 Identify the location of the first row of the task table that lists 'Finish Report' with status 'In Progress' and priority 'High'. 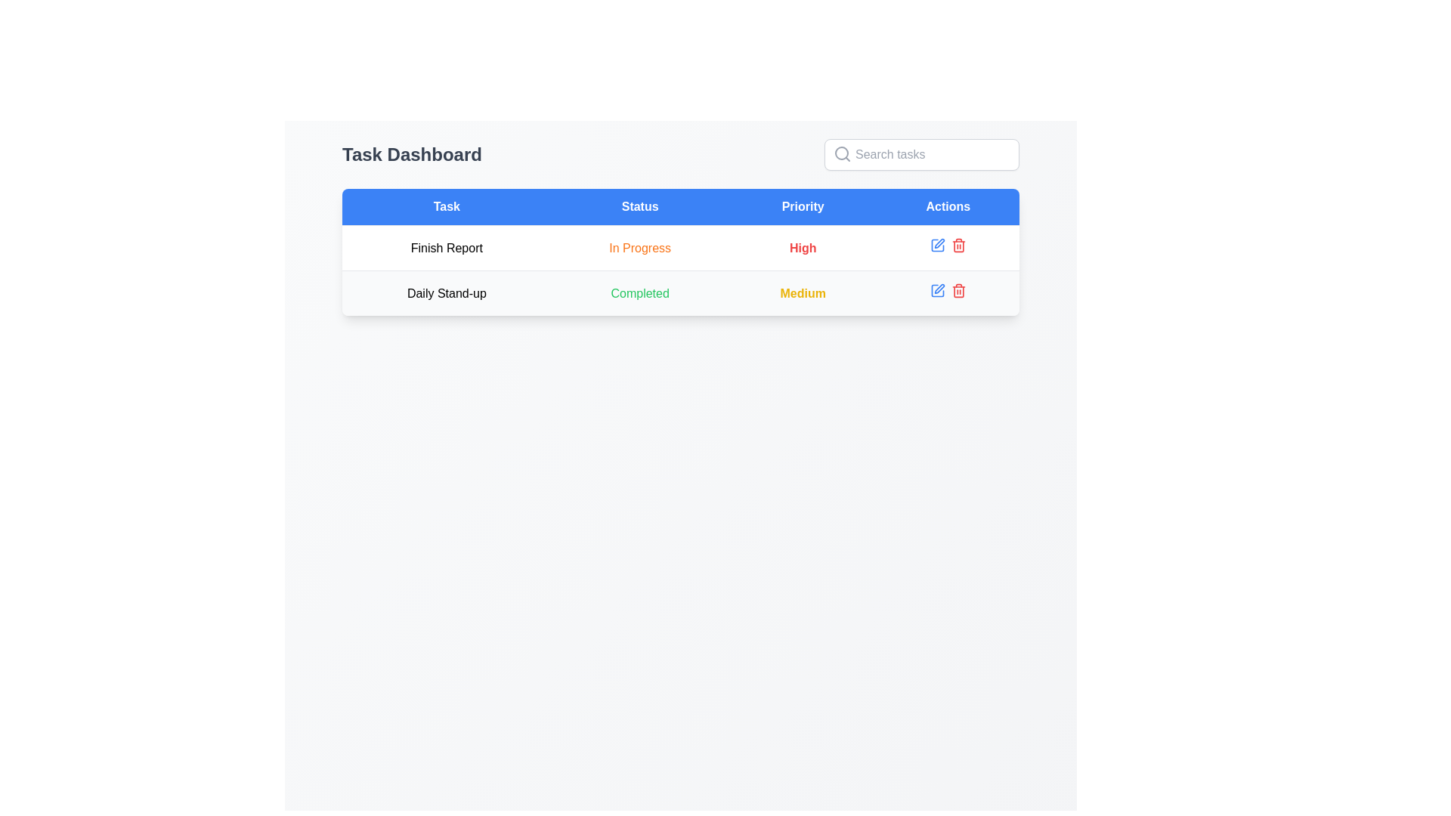
(680, 270).